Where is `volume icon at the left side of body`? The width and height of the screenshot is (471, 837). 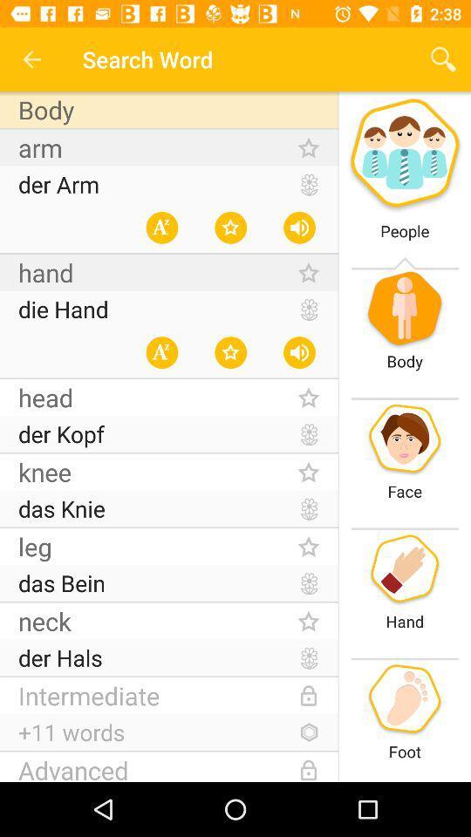
volume icon at the left side of body is located at coordinates (298, 351).